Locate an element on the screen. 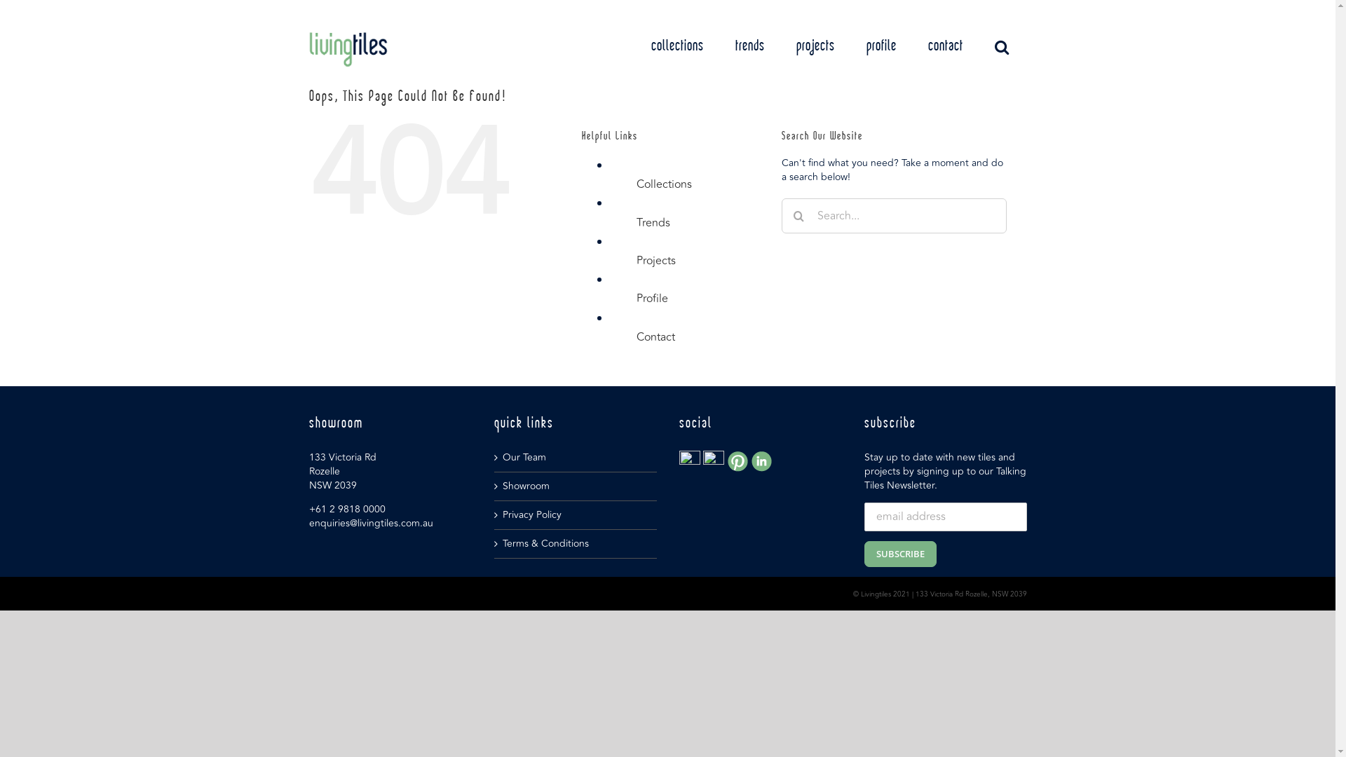 This screenshot has width=1346, height=757. 'enquiries@livingtiles.com.au' is located at coordinates (370, 523).